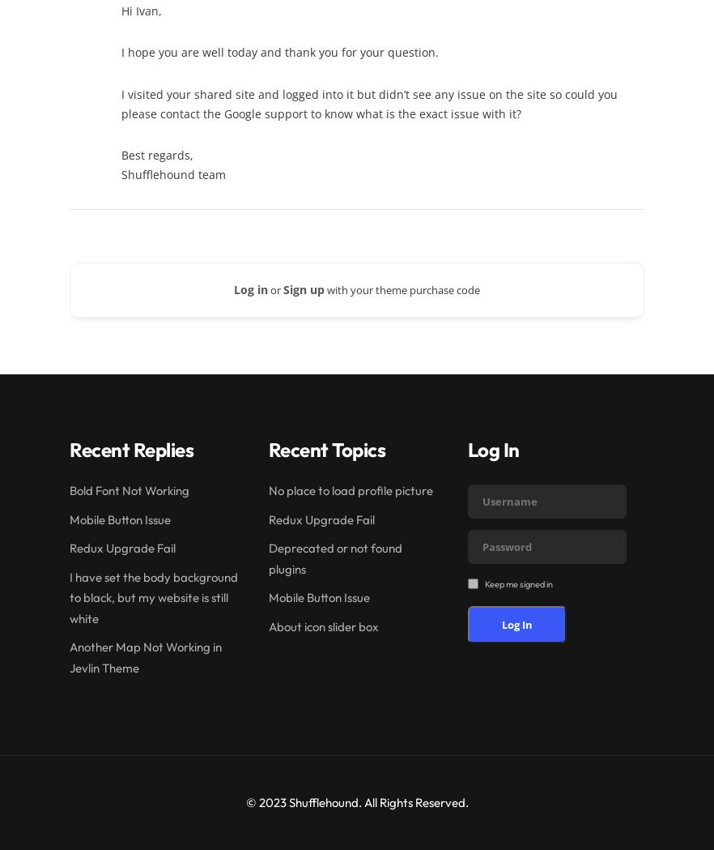  I want to click on 'Log in', so click(250, 288).